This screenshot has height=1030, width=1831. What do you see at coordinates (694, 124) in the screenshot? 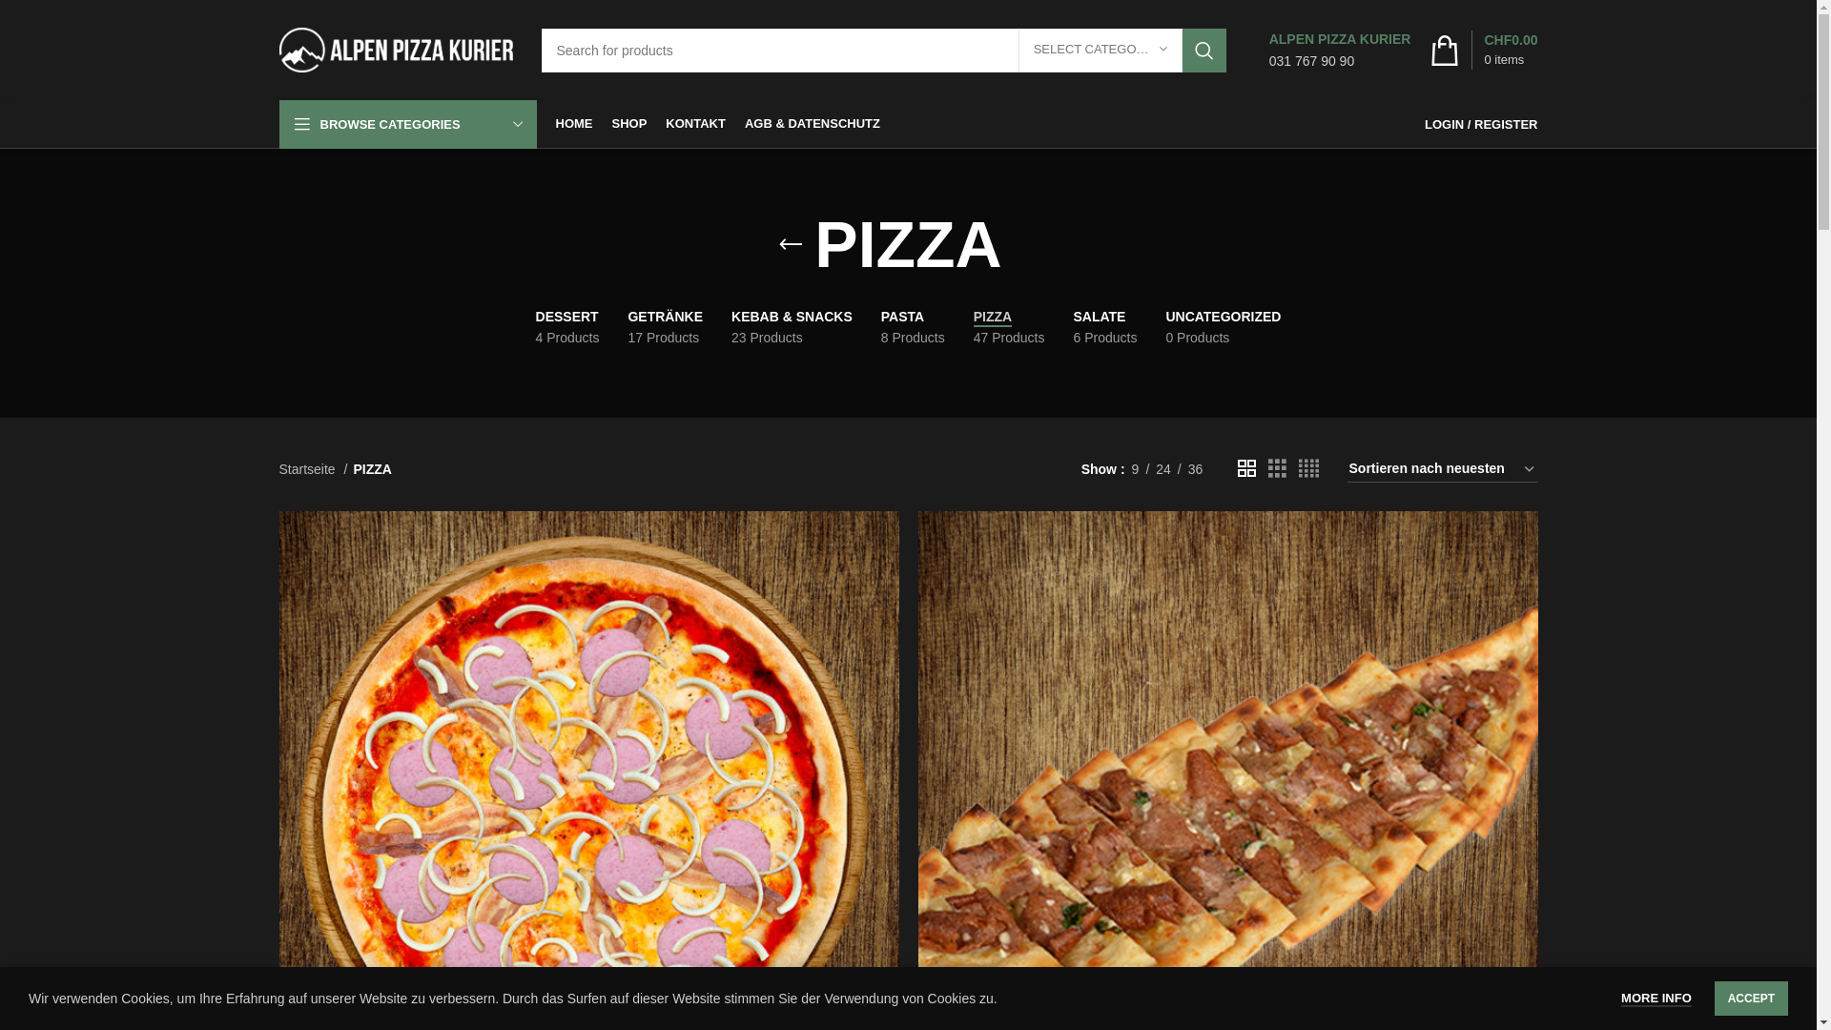
I see `'KONTAKT'` at bounding box center [694, 124].